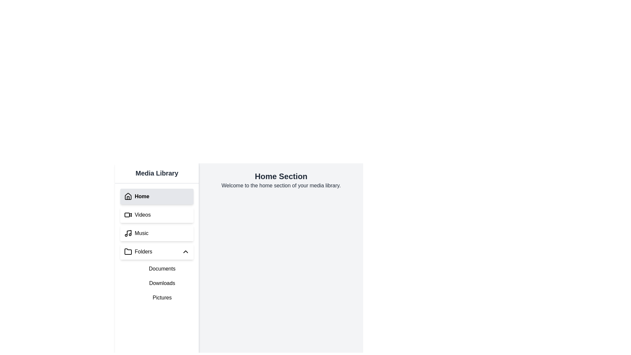 This screenshot has width=631, height=355. I want to click on the music note icon located in the 'Music' menu on the left sidebar, so click(128, 233).